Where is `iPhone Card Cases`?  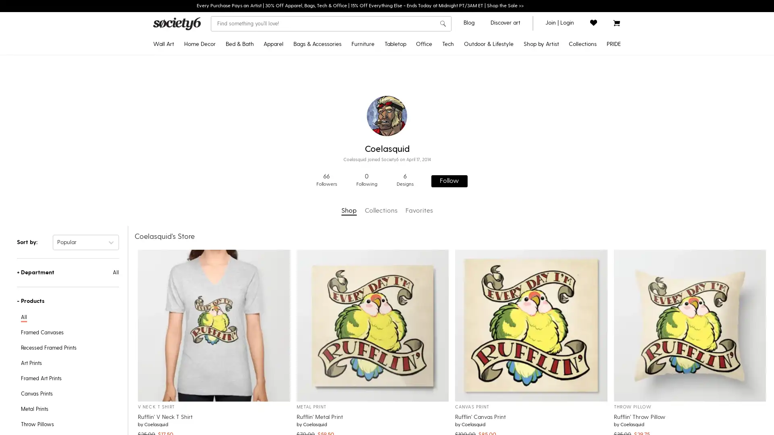
iPhone Card Cases is located at coordinates (476, 116).